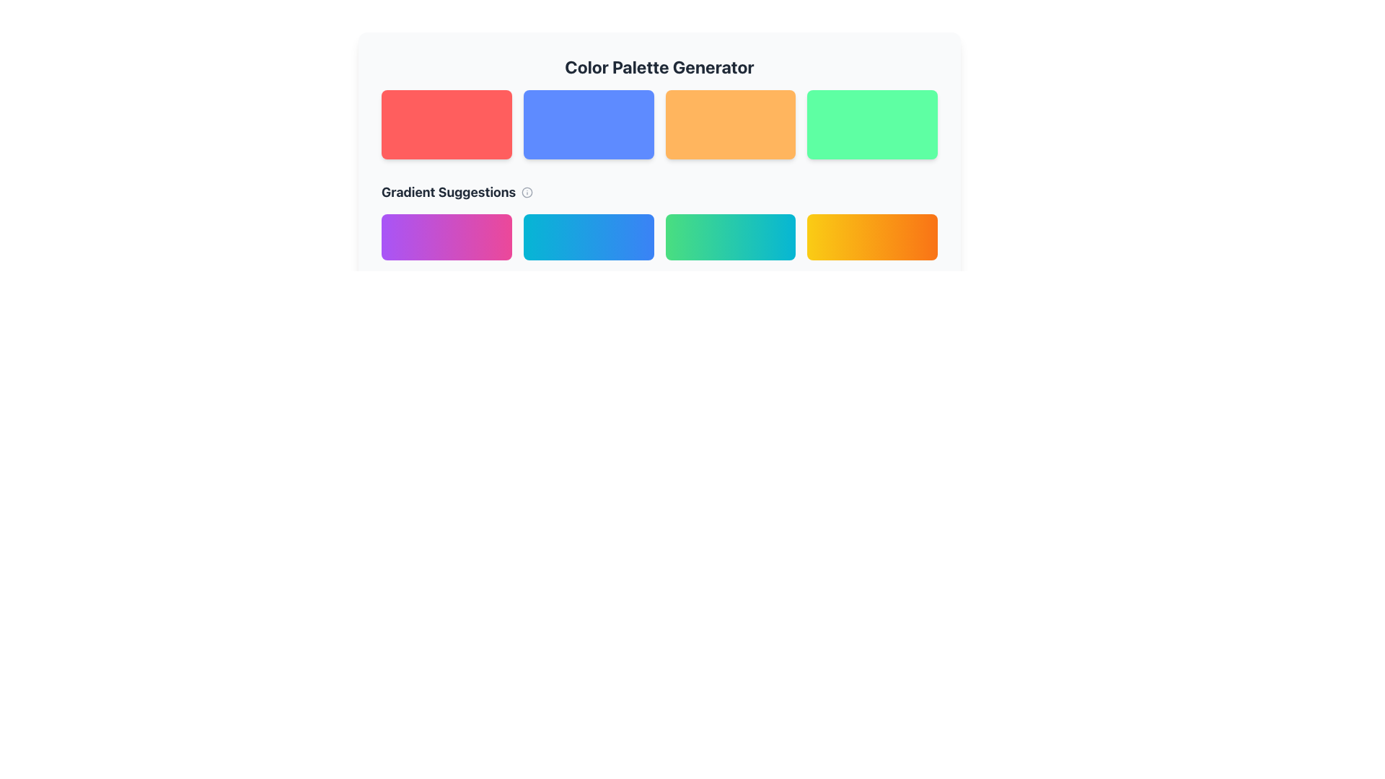 This screenshot has width=1385, height=779. Describe the element at coordinates (589, 236) in the screenshot. I see `keyboard navigation` at that location.